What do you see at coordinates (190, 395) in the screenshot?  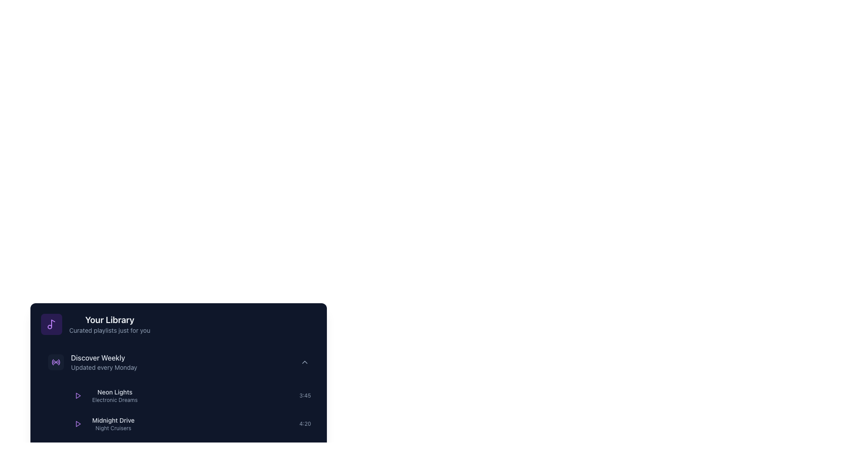 I see `the first song entry in the 'Your Library' and 'Discover Weekly' section` at bounding box center [190, 395].